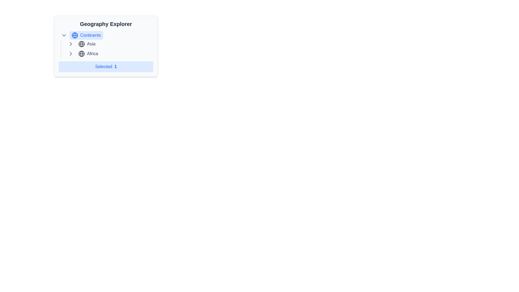 Image resolution: width=519 pixels, height=292 pixels. Describe the element at coordinates (91, 35) in the screenshot. I see `the static text label displaying the word 'Continents' in blue font, which is positioned to the right of a globe icon in the 'Geography Explorer' section` at that location.